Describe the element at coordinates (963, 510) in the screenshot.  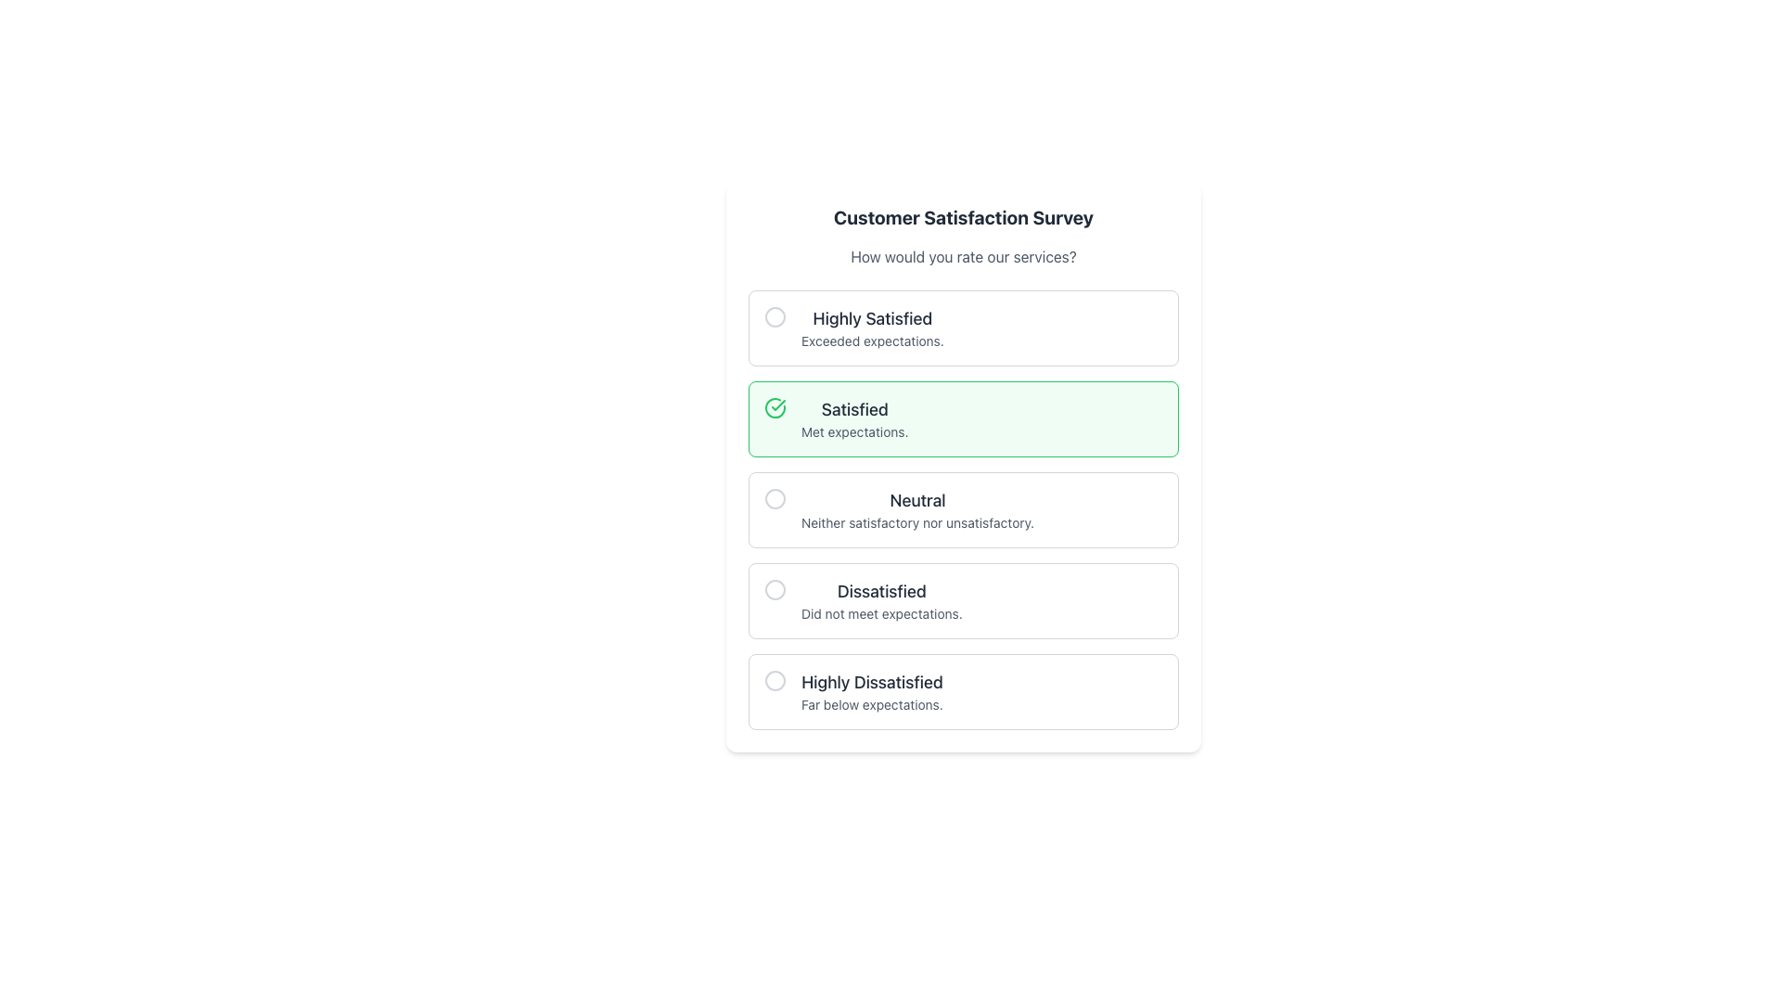
I see `the selectable option group containing the text 'Neutral' and its accompanying unselected circular icon` at that location.